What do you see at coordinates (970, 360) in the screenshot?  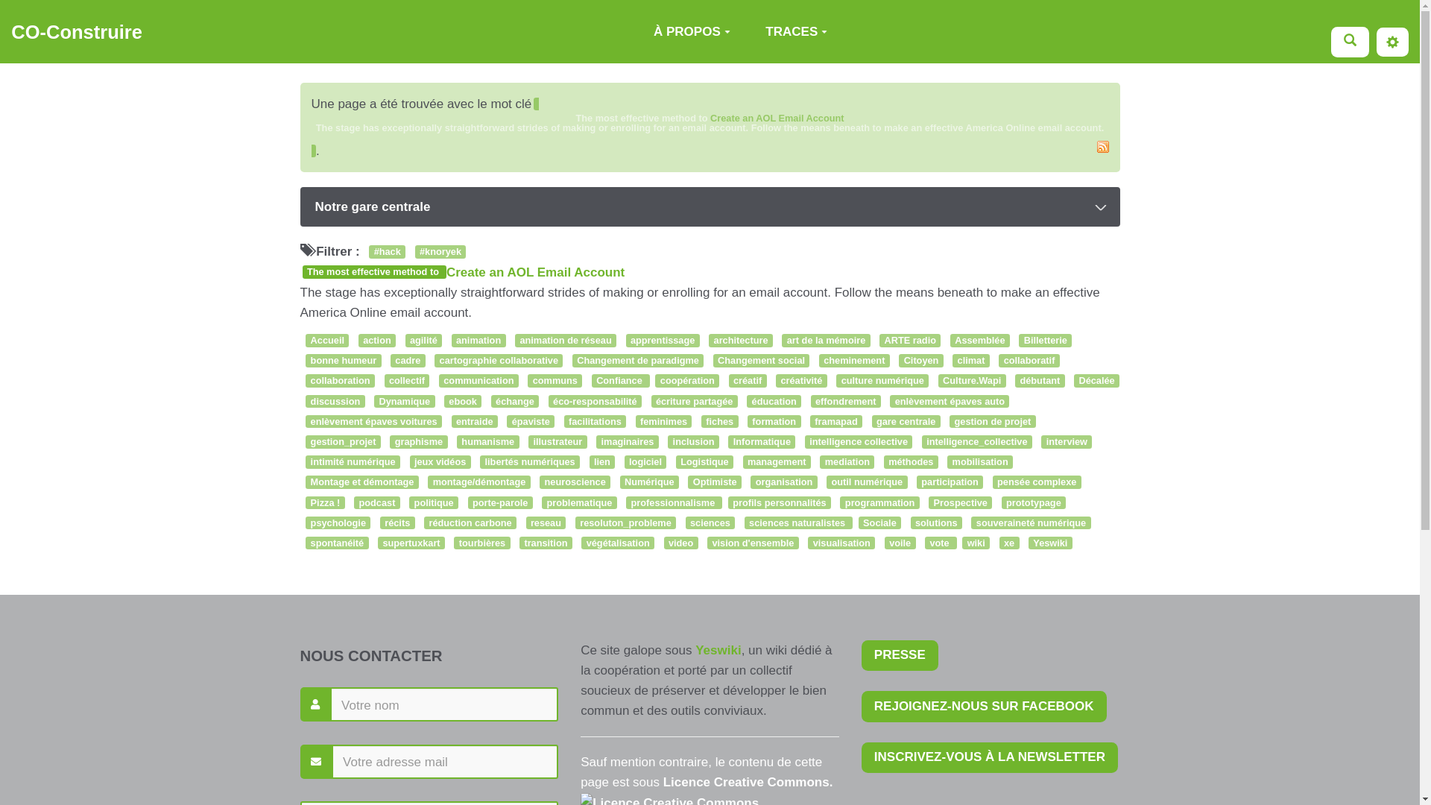 I see `'climat'` at bounding box center [970, 360].